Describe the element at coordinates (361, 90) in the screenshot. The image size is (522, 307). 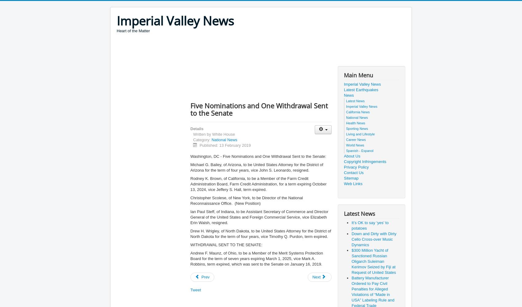
I see `'Latest Earthquakes'` at that location.